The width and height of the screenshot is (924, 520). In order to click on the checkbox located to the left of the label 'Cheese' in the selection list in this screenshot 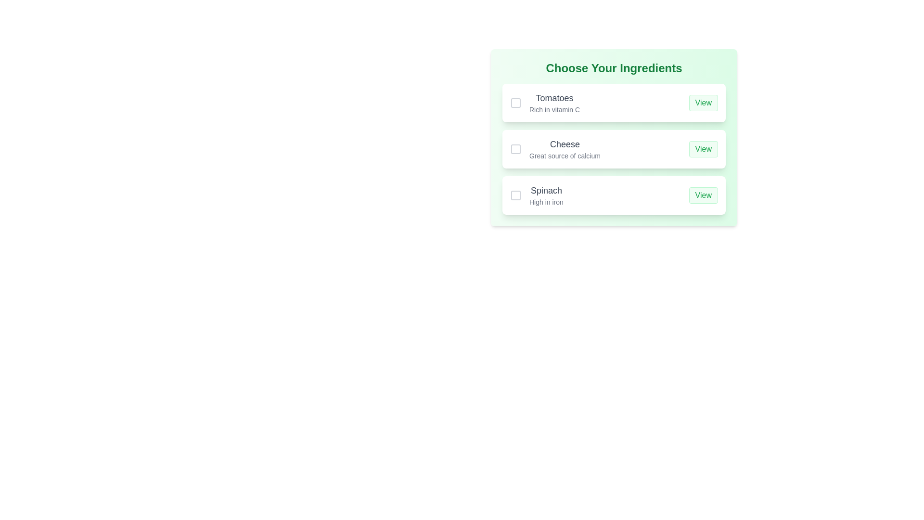, I will do `click(515, 149)`.